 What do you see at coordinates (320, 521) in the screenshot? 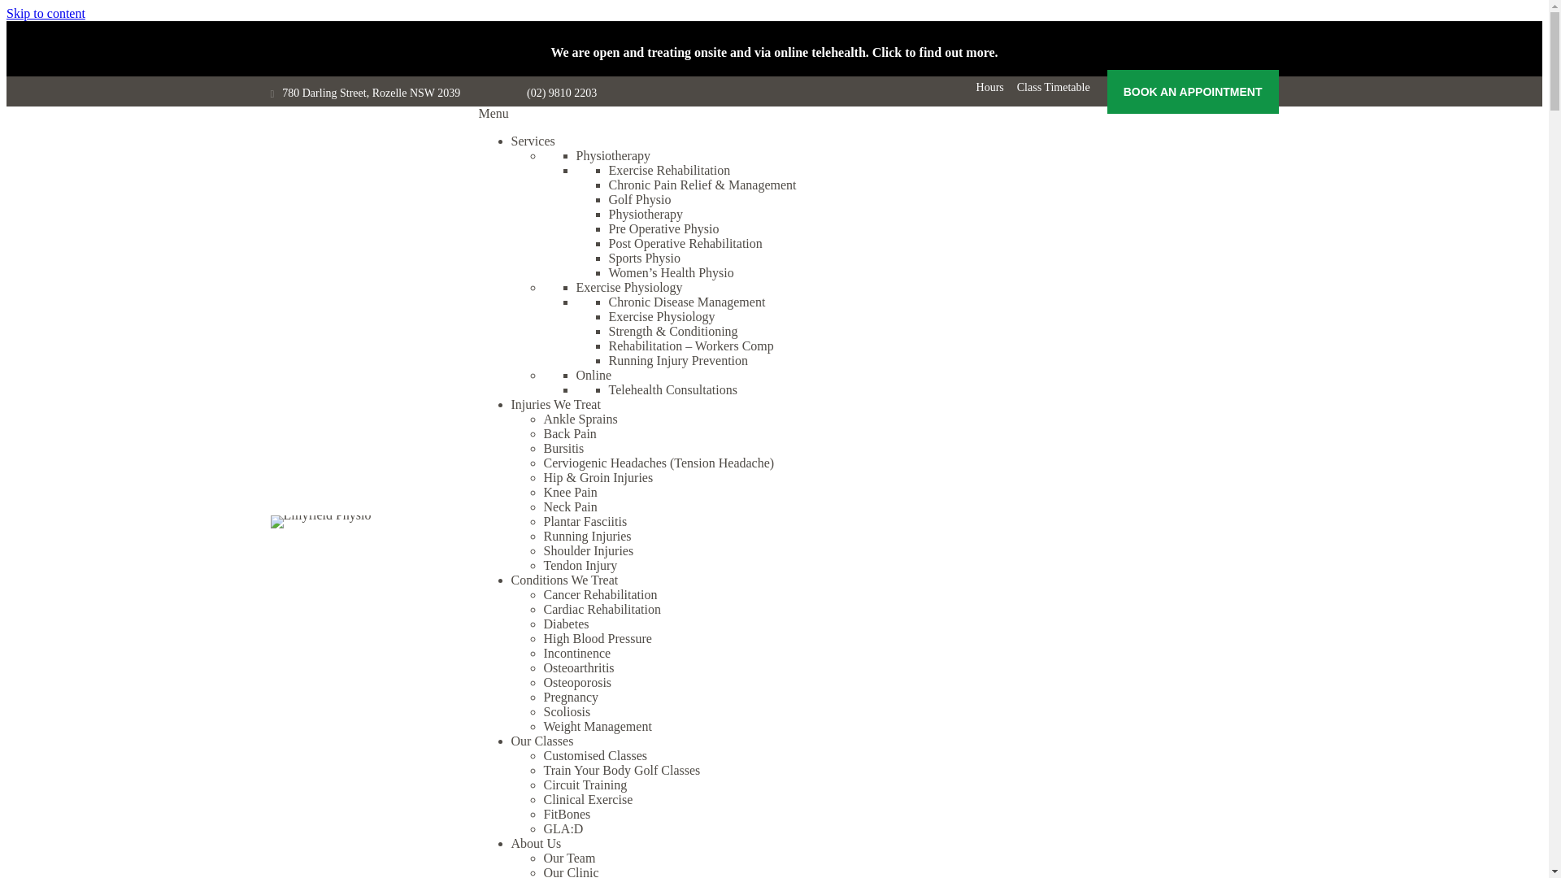
I see `'Lillyfield Physio'` at bounding box center [320, 521].